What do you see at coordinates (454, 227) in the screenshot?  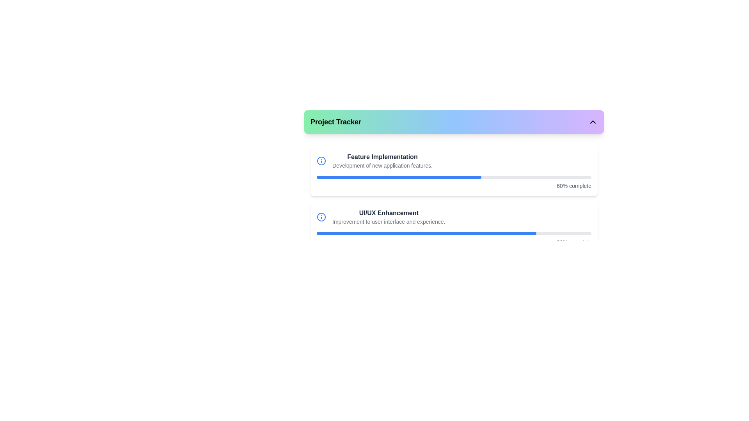 I see `task description and progress information from the Progress Tracker Component labeled 'UI/UX Enhancement', which shows an 80% filled progress bar` at bounding box center [454, 227].